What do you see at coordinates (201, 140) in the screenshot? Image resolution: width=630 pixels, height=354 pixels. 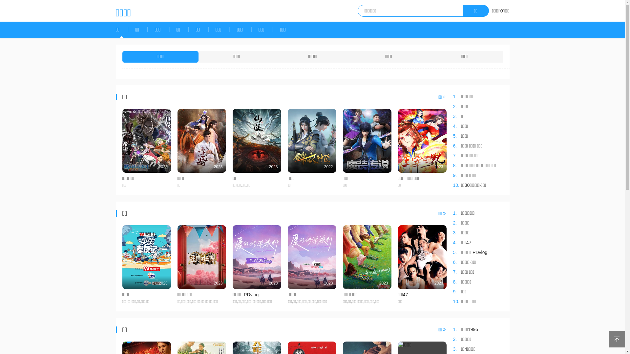 I see `'2023'` at bounding box center [201, 140].